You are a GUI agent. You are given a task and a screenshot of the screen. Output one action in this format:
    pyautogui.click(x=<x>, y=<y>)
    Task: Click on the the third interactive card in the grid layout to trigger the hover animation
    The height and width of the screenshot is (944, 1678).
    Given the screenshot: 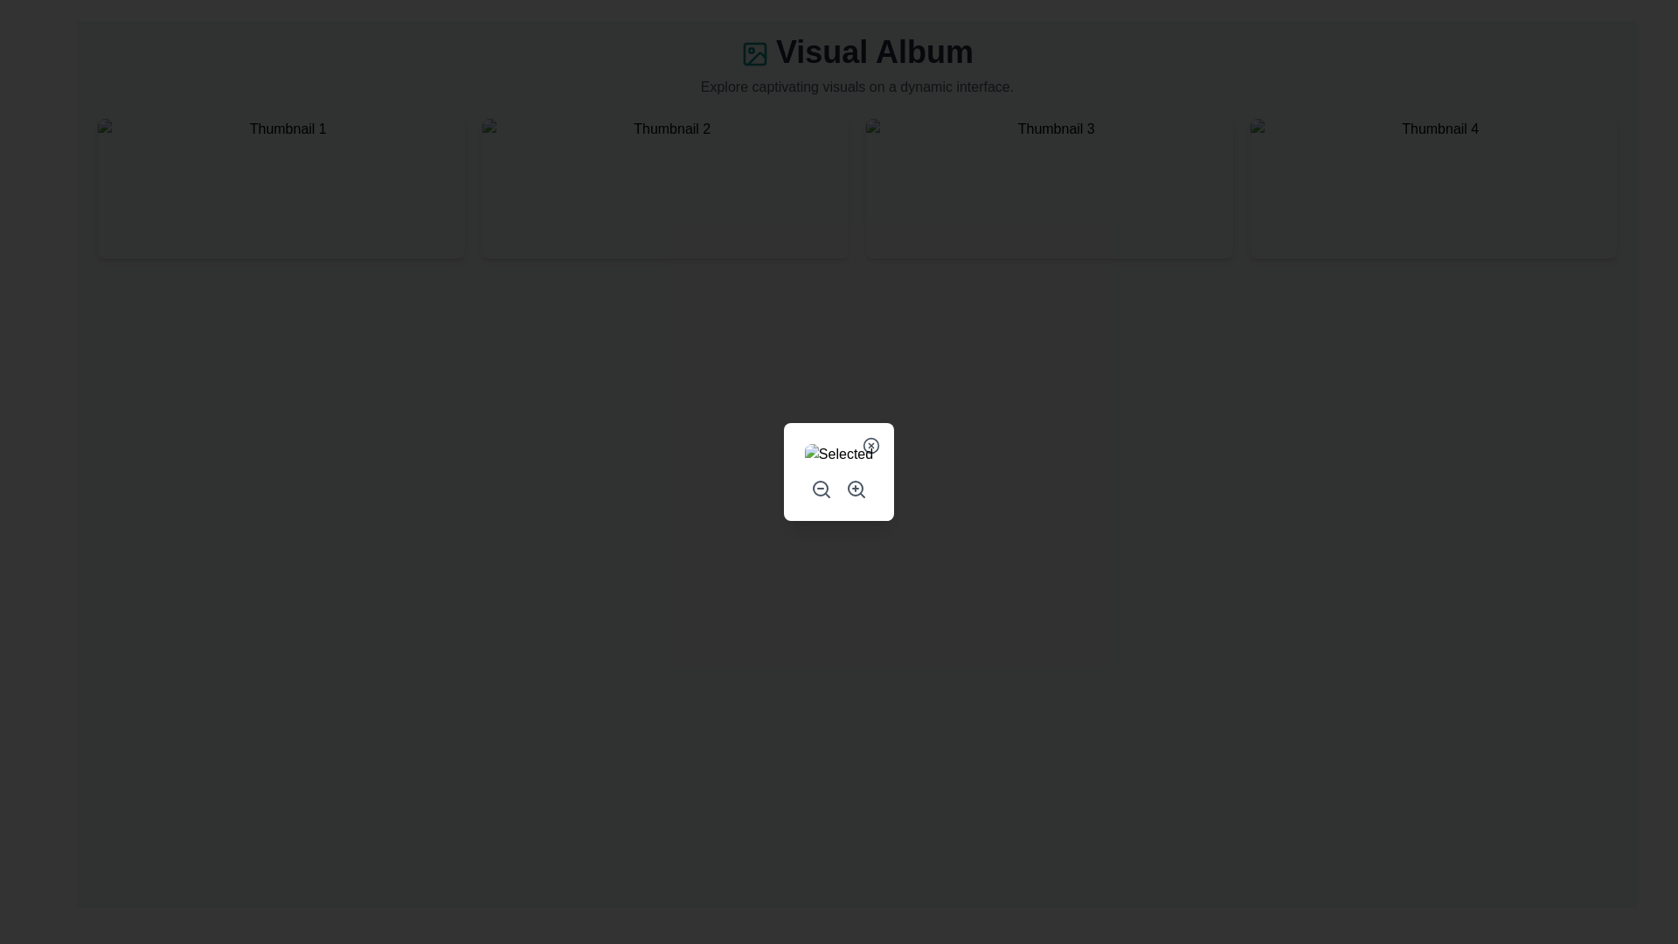 What is the action you would take?
    pyautogui.click(x=1049, y=189)
    